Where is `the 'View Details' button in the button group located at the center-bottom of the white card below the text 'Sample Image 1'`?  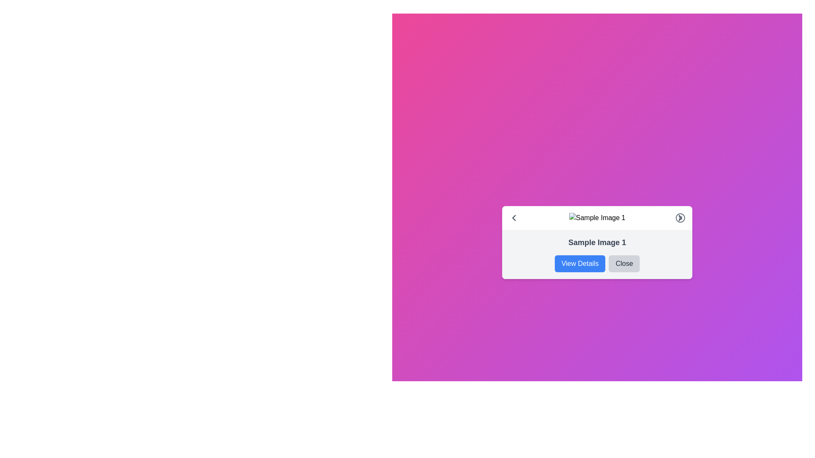
the 'View Details' button in the button group located at the center-bottom of the white card below the text 'Sample Image 1' is located at coordinates (596, 263).